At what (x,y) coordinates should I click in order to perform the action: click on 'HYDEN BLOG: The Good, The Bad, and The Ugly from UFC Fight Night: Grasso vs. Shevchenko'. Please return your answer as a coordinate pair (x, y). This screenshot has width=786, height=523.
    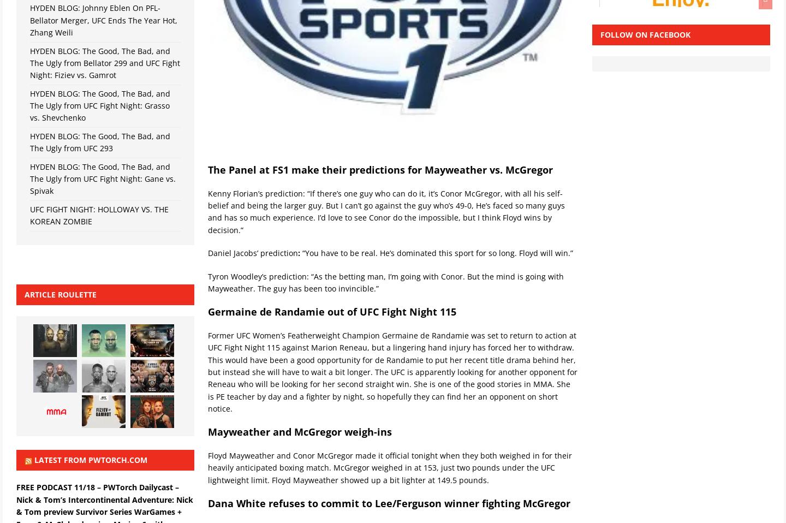
    Looking at the image, I should click on (29, 105).